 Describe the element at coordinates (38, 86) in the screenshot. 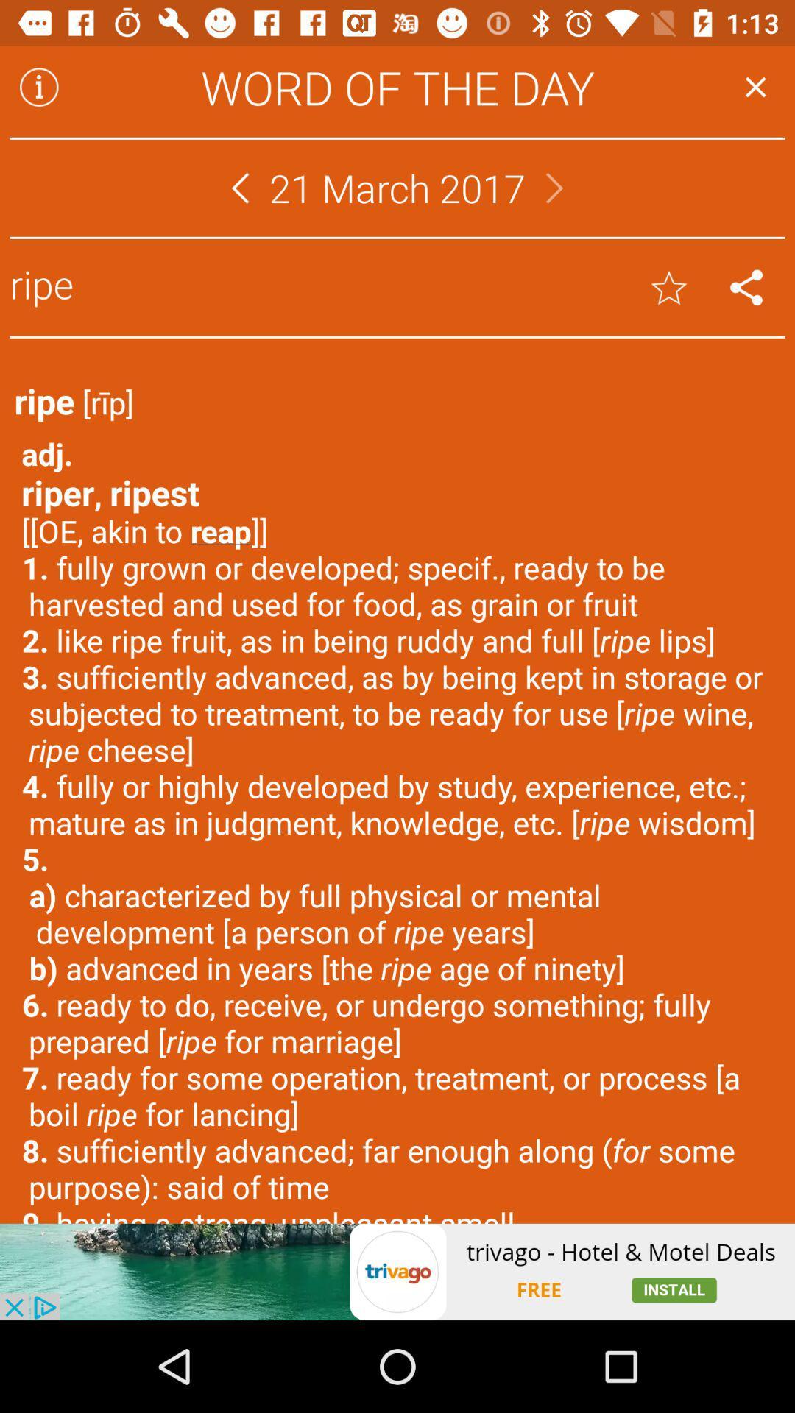

I see `show information` at that location.